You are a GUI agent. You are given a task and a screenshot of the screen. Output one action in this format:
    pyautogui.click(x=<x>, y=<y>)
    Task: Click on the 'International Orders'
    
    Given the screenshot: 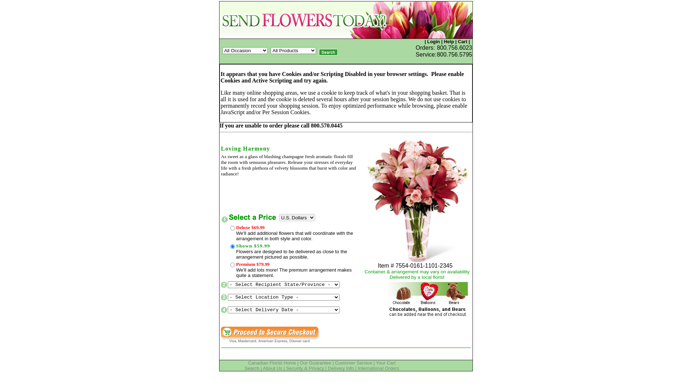 What is the action you would take?
    pyautogui.click(x=378, y=368)
    